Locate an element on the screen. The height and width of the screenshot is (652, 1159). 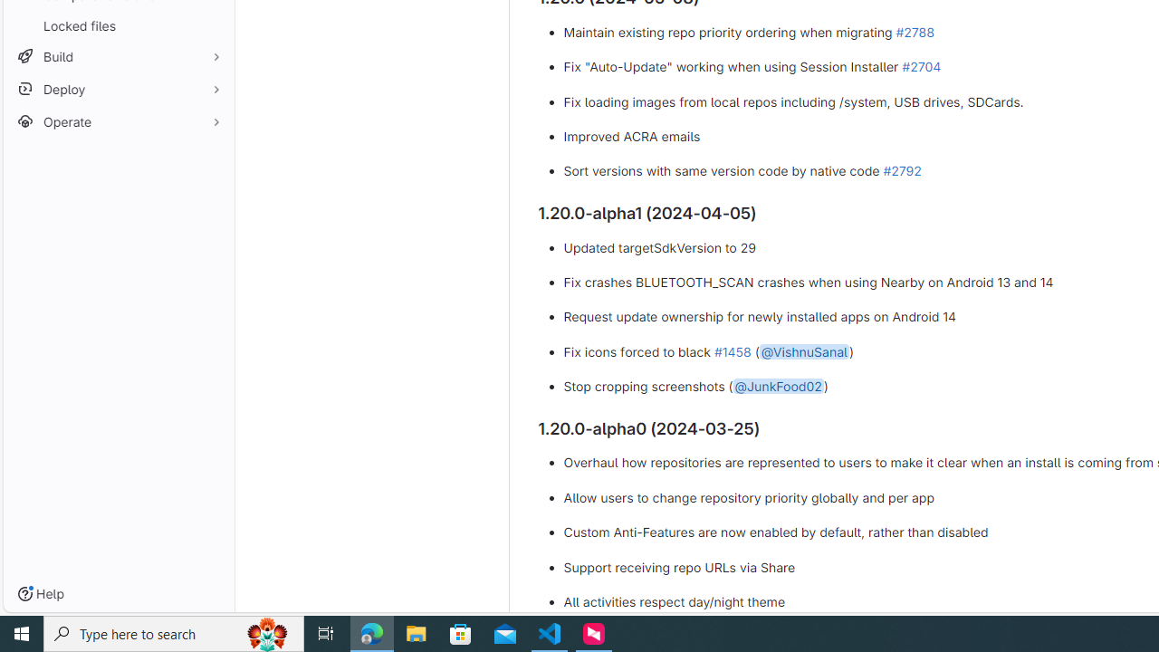
'Microsoft Store' is located at coordinates (461, 632).